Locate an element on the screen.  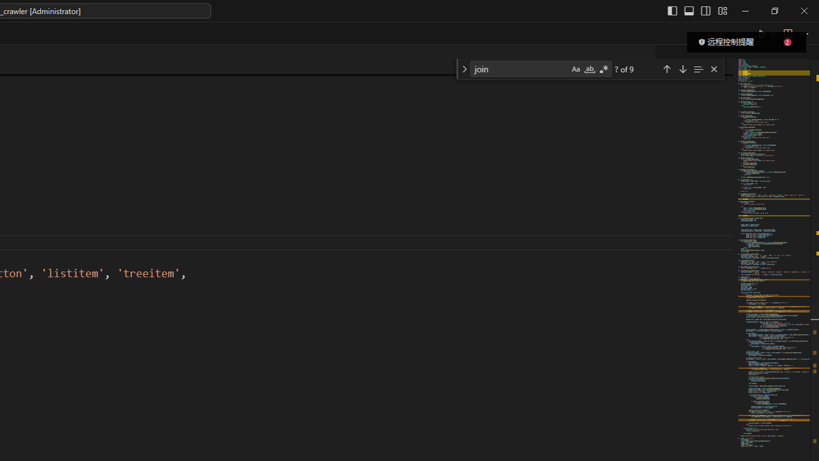
'Toggle Replace' is located at coordinates (463, 69).